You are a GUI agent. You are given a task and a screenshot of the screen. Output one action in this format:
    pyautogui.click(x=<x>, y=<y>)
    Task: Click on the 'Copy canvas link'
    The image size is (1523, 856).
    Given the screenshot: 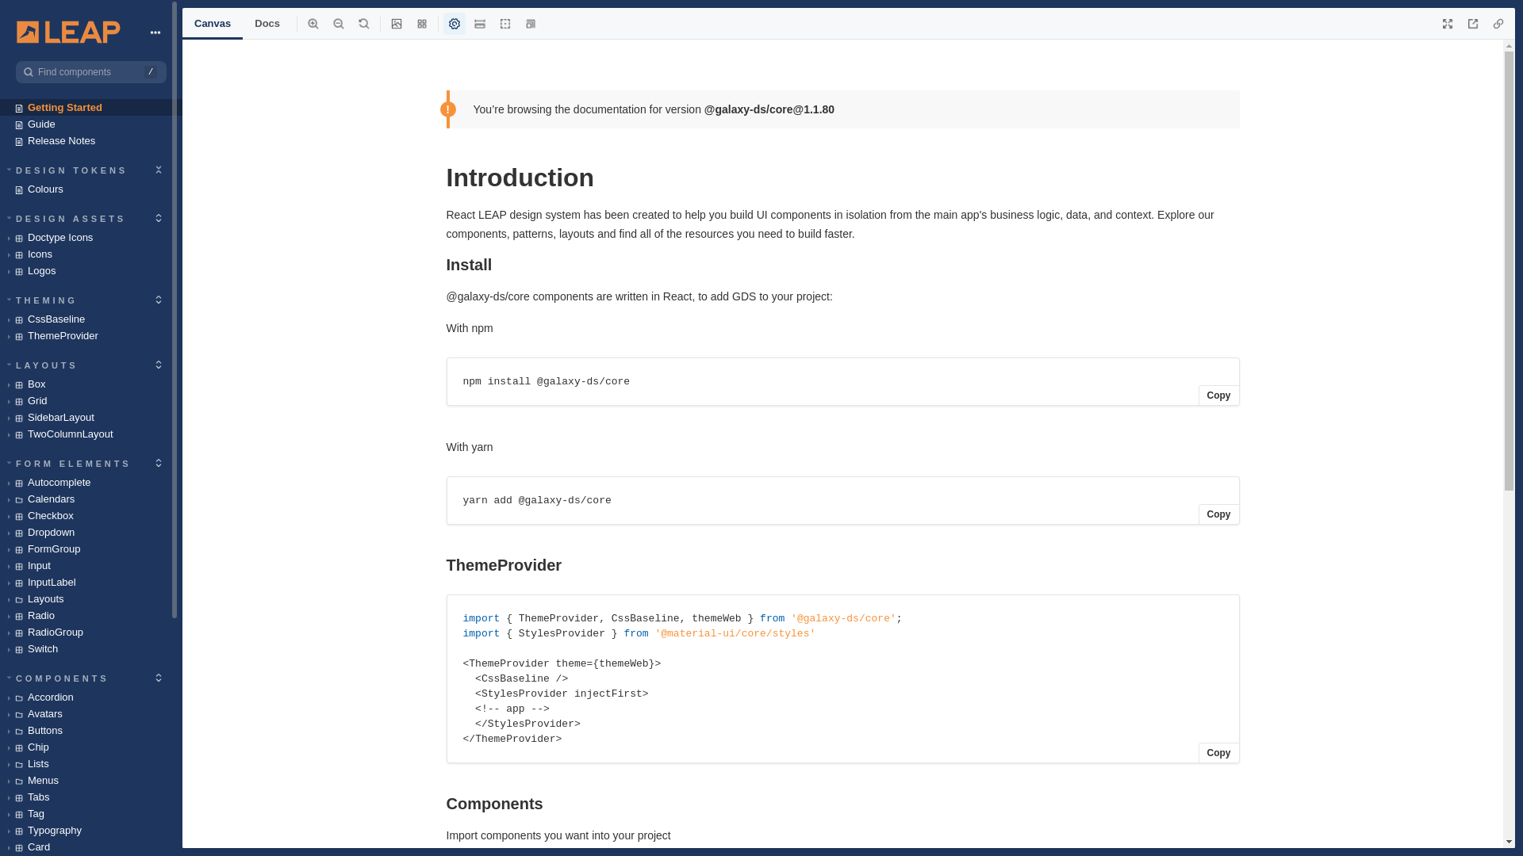 What is the action you would take?
    pyautogui.click(x=1498, y=24)
    